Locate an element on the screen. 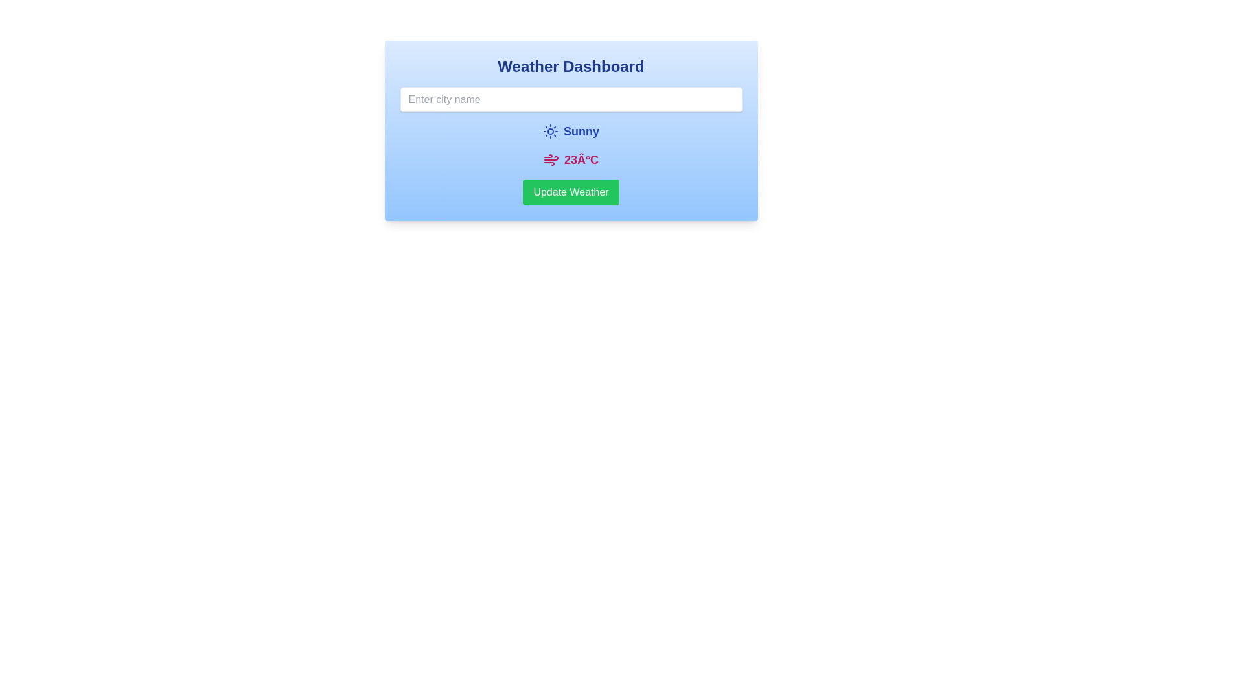  the weather condition display element which consists of a sun icon and the text 'Sunny' in bold blue font, located in the weather details card is located at coordinates (570, 132).